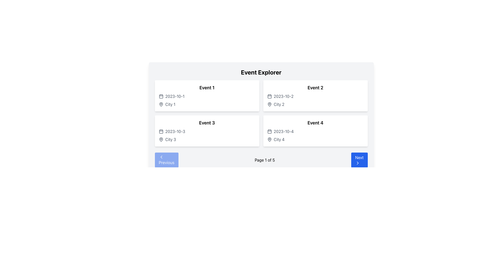 This screenshot has width=482, height=271. I want to click on the calendar icon located in the 'Event 2' card, positioned near the date '2023-10-2', so click(269, 96).